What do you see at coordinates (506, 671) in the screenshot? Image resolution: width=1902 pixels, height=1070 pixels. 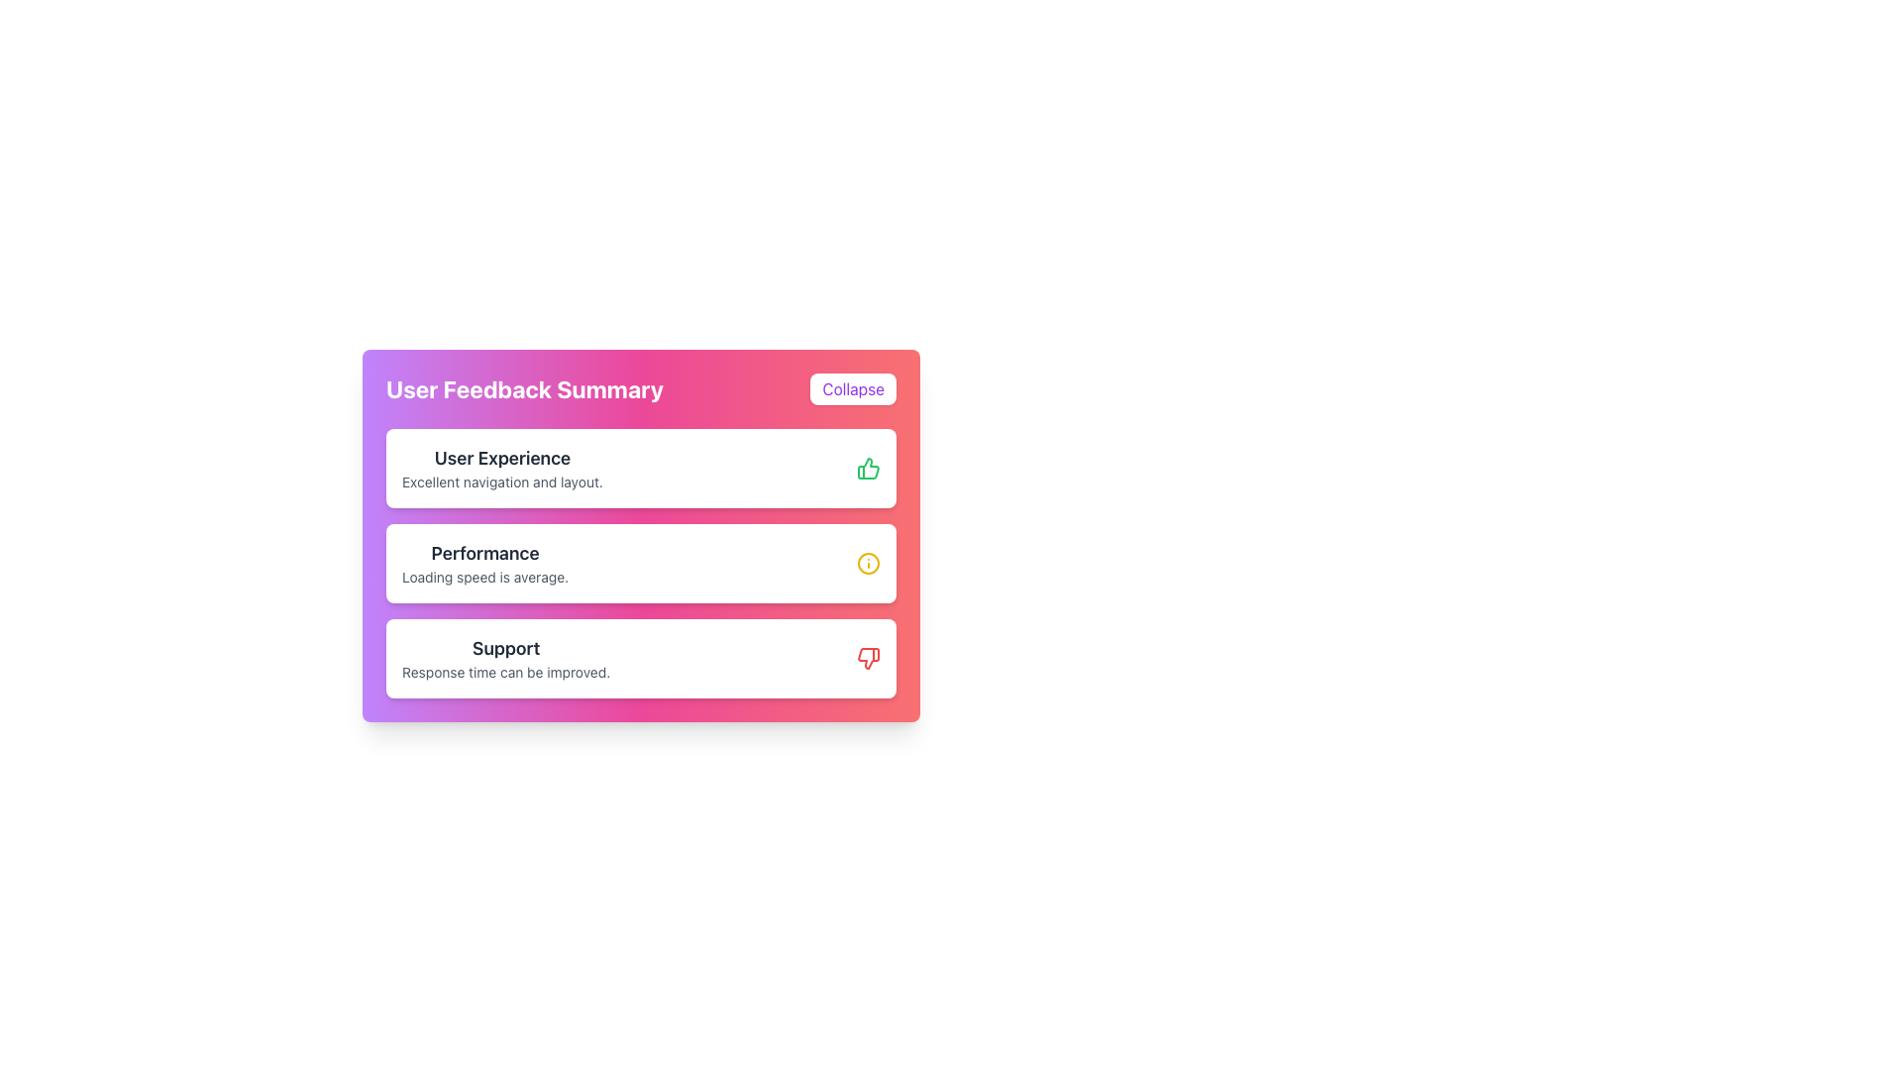 I see `the static text label that provides feedback information about the support section, located in the feedback card labeled 'Support', which is the third card in the vertically stacked list within the 'User Feedback Summary' panel` at bounding box center [506, 671].